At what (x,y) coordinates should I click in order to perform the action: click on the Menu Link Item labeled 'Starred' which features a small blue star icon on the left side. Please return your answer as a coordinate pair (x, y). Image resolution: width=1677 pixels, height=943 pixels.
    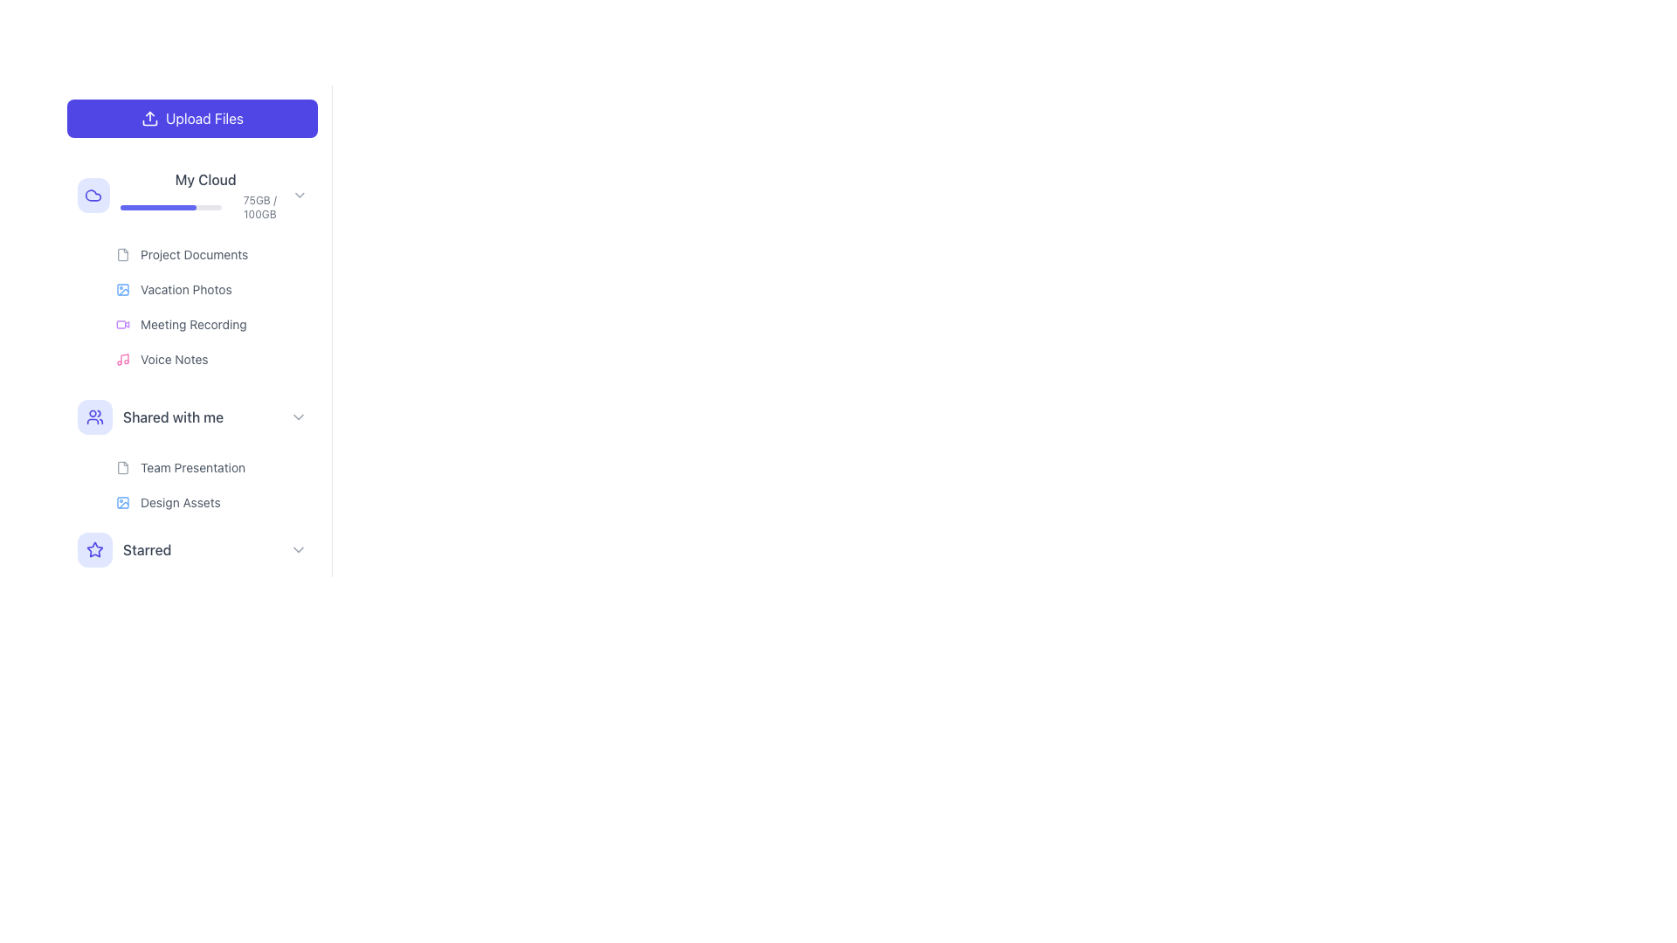
    Looking at the image, I should click on (123, 548).